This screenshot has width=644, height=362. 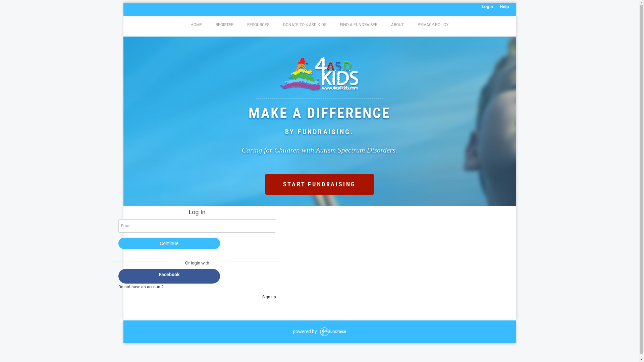 I want to click on 'PRIVACY POLICY', so click(x=433, y=24).